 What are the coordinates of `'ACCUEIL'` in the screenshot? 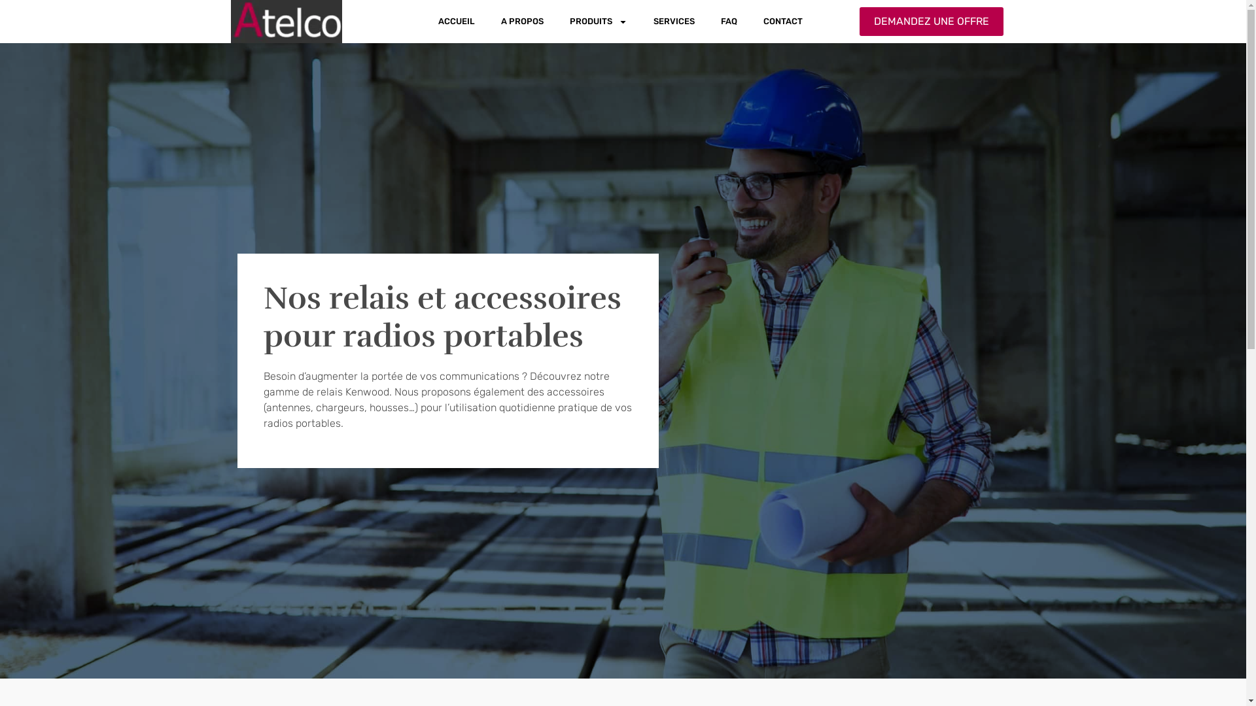 It's located at (456, 22).